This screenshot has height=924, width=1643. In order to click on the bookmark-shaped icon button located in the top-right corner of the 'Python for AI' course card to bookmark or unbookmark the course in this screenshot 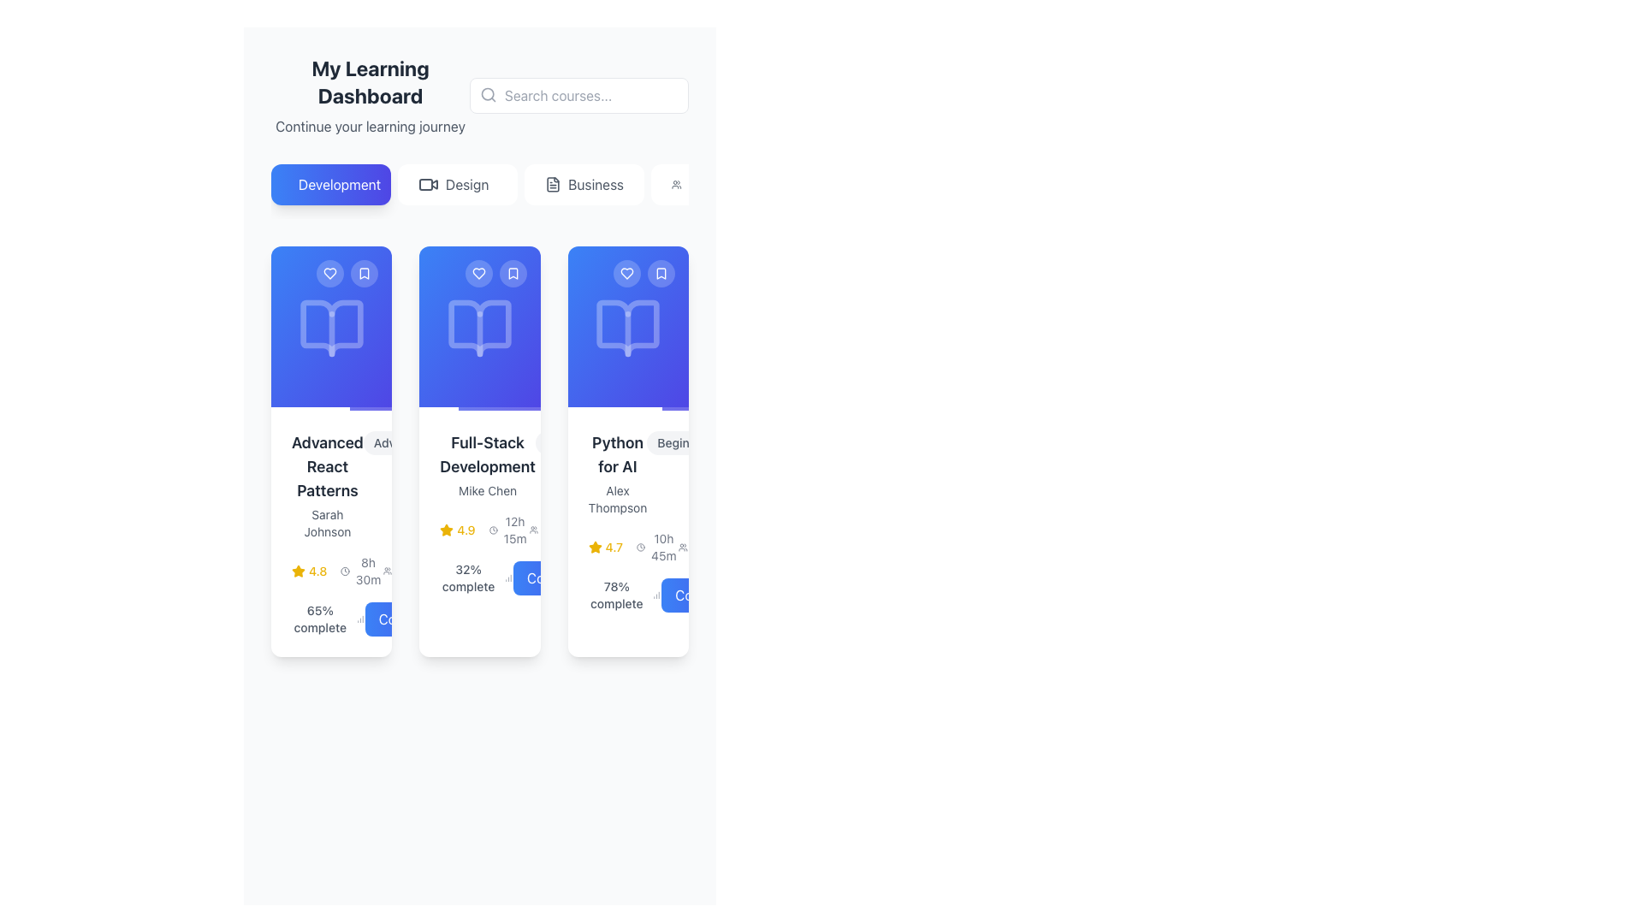, I will do `click(660, 273)`.